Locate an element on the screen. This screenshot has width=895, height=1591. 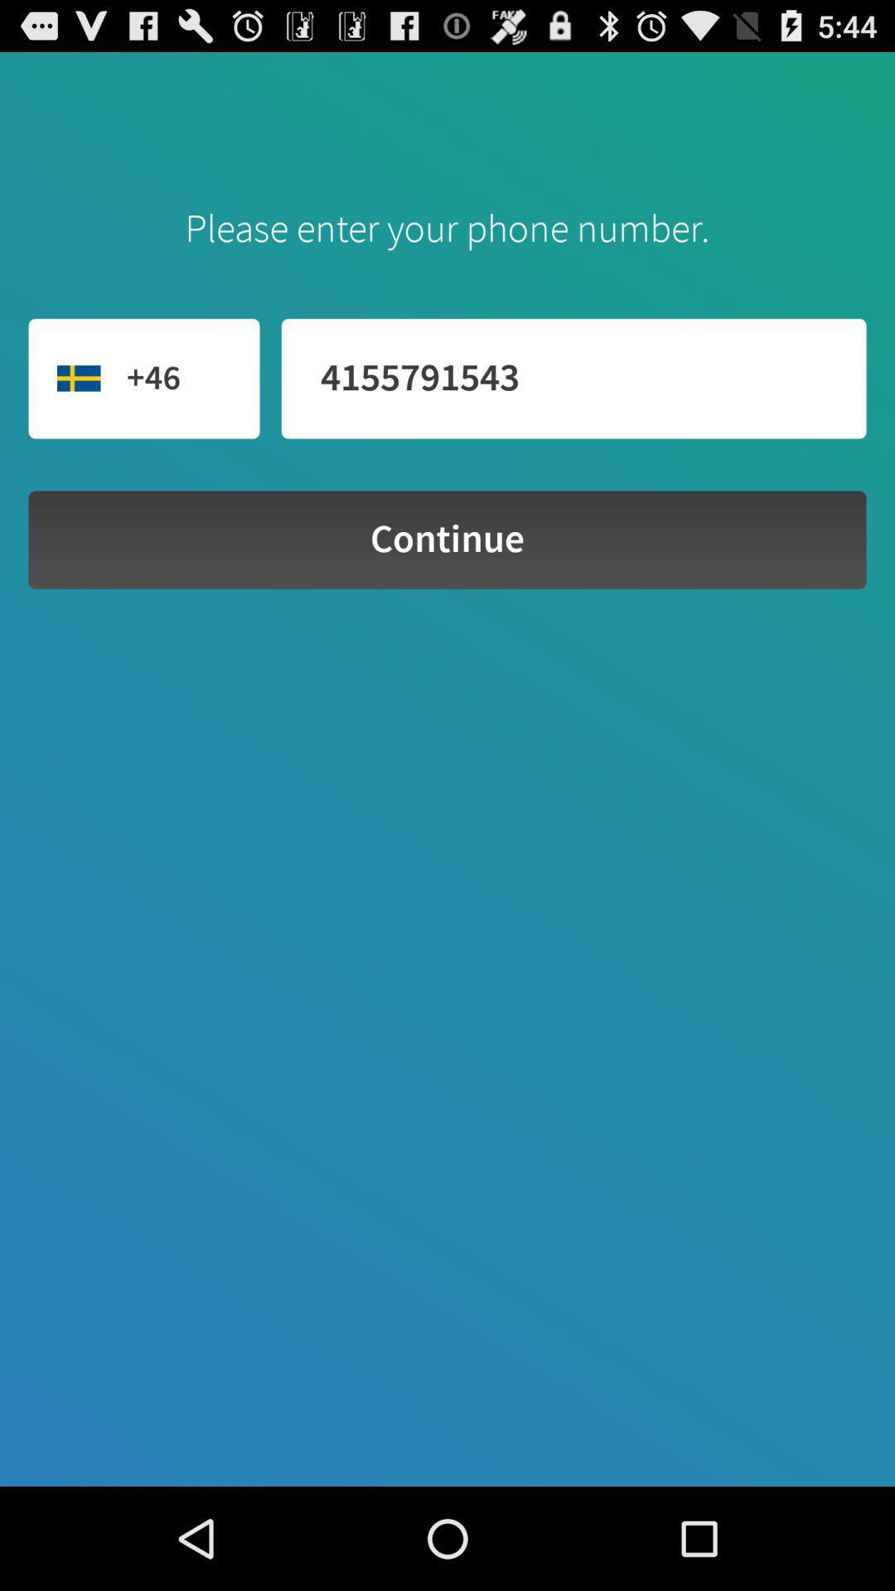
continue is located at coordinates (447, 539).